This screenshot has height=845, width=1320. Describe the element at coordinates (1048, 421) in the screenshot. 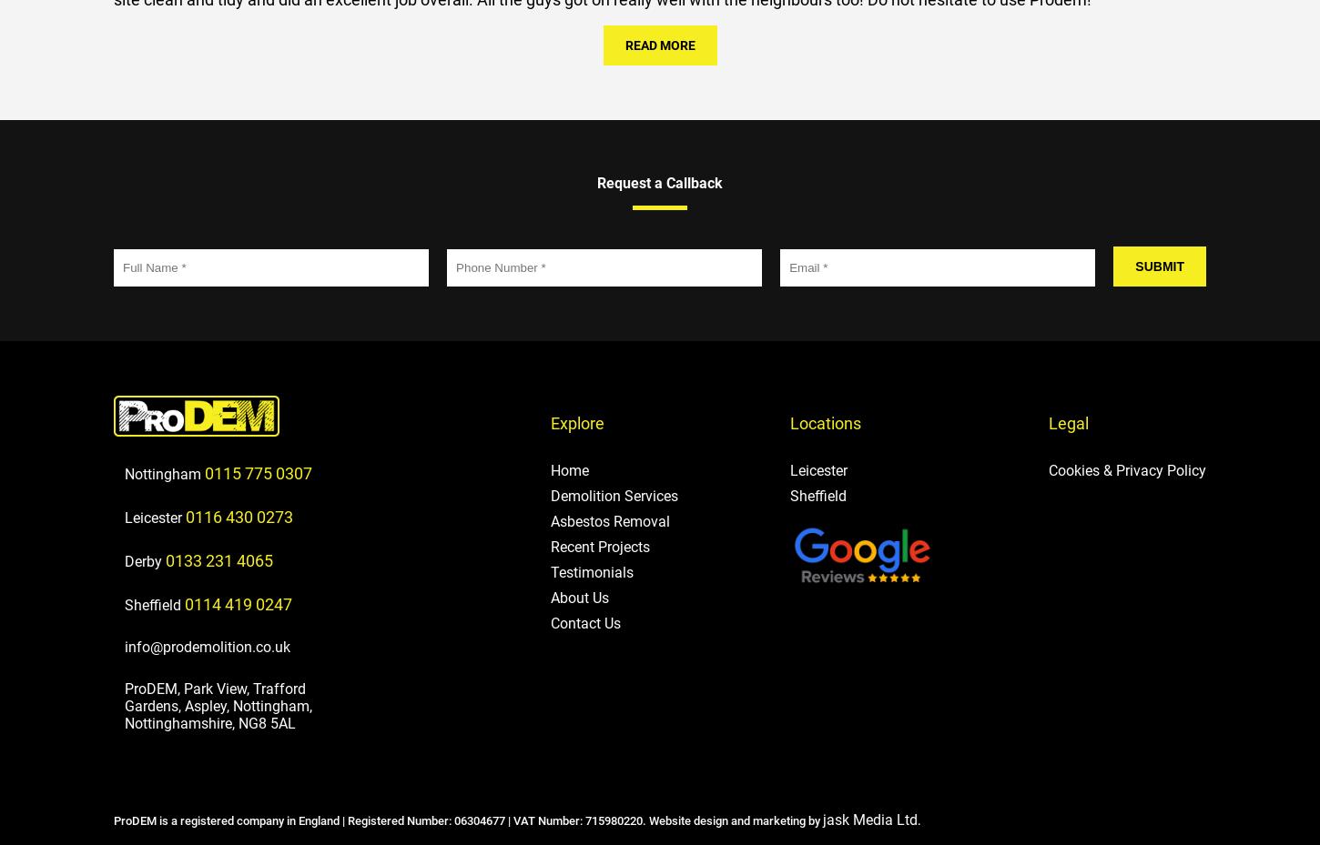

I see `'Legal'` at that location.